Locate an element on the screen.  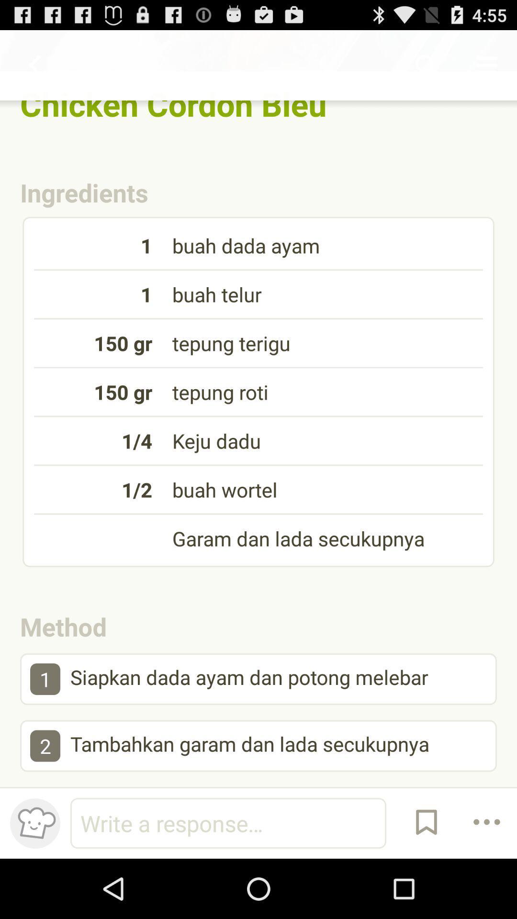
the more icon is located at coordinates (487, 881).